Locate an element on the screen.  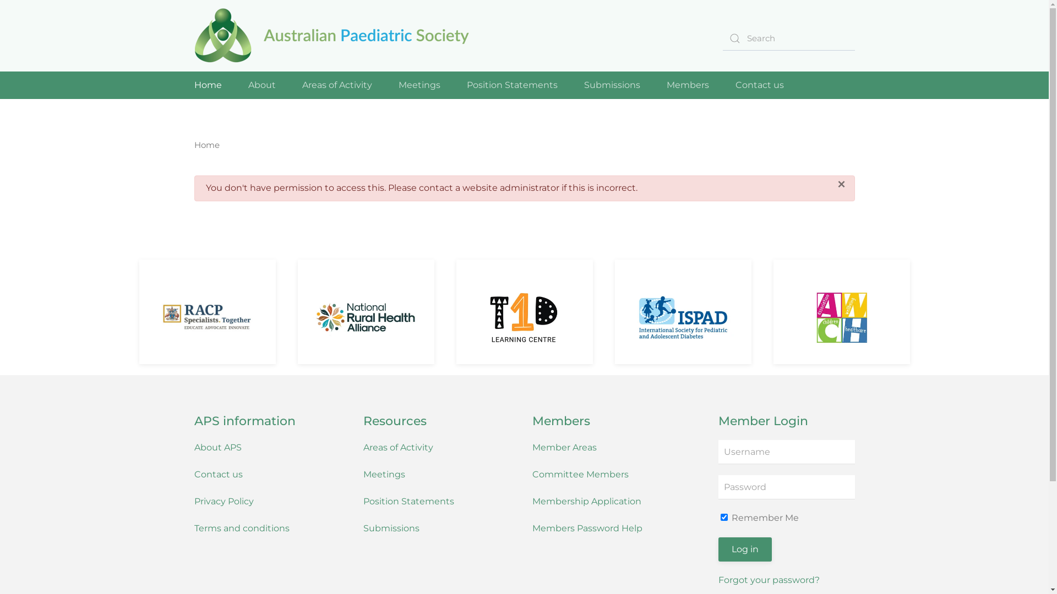
'Terms and conditions' is located at coordinates (193, 527).